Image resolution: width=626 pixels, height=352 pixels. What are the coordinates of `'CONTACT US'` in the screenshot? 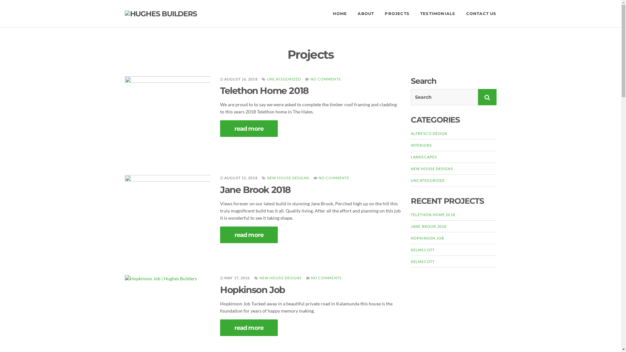 It's located at (481, 14).